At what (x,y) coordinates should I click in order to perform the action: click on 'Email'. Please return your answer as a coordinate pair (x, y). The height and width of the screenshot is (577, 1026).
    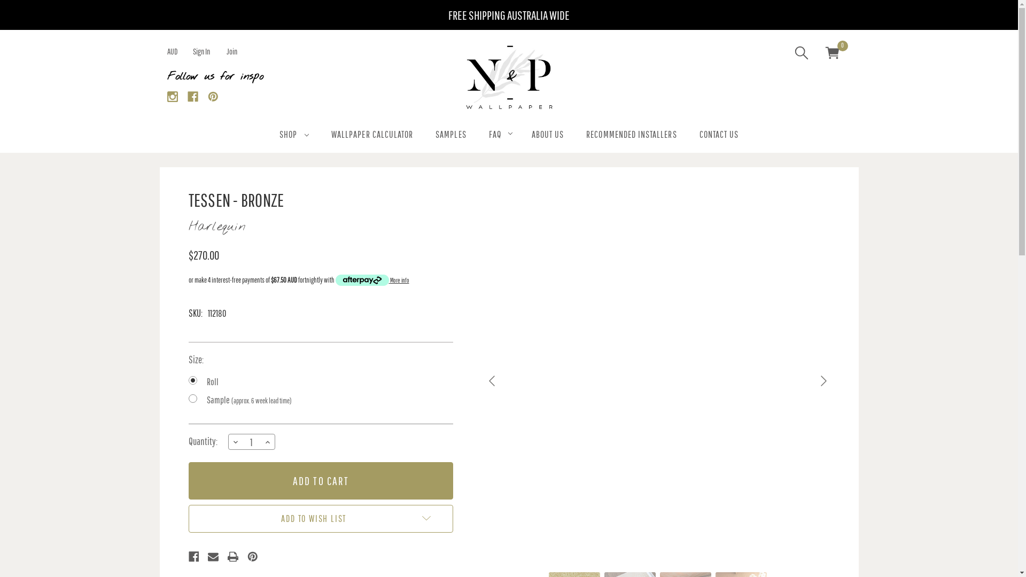
    Looking at the image, I should click on (213, 556).